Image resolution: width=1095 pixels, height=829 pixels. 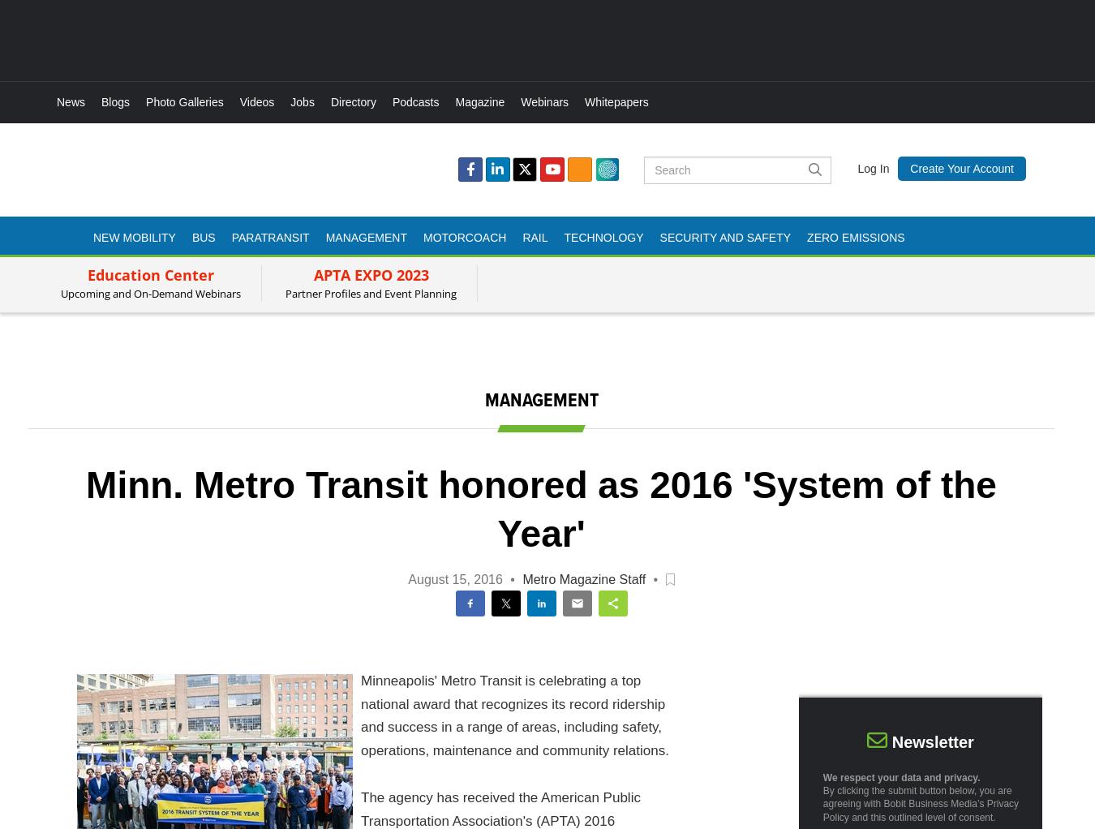 What do you see at coordinates (514, 714) in the screenshot?
I see `'Minneapolis' Metro Transit is celebrating a top national award that recognizes its record ridership and success in a range of areas, including safety, operations, maintenance and community relations.'` at bounding box center [514, 714].